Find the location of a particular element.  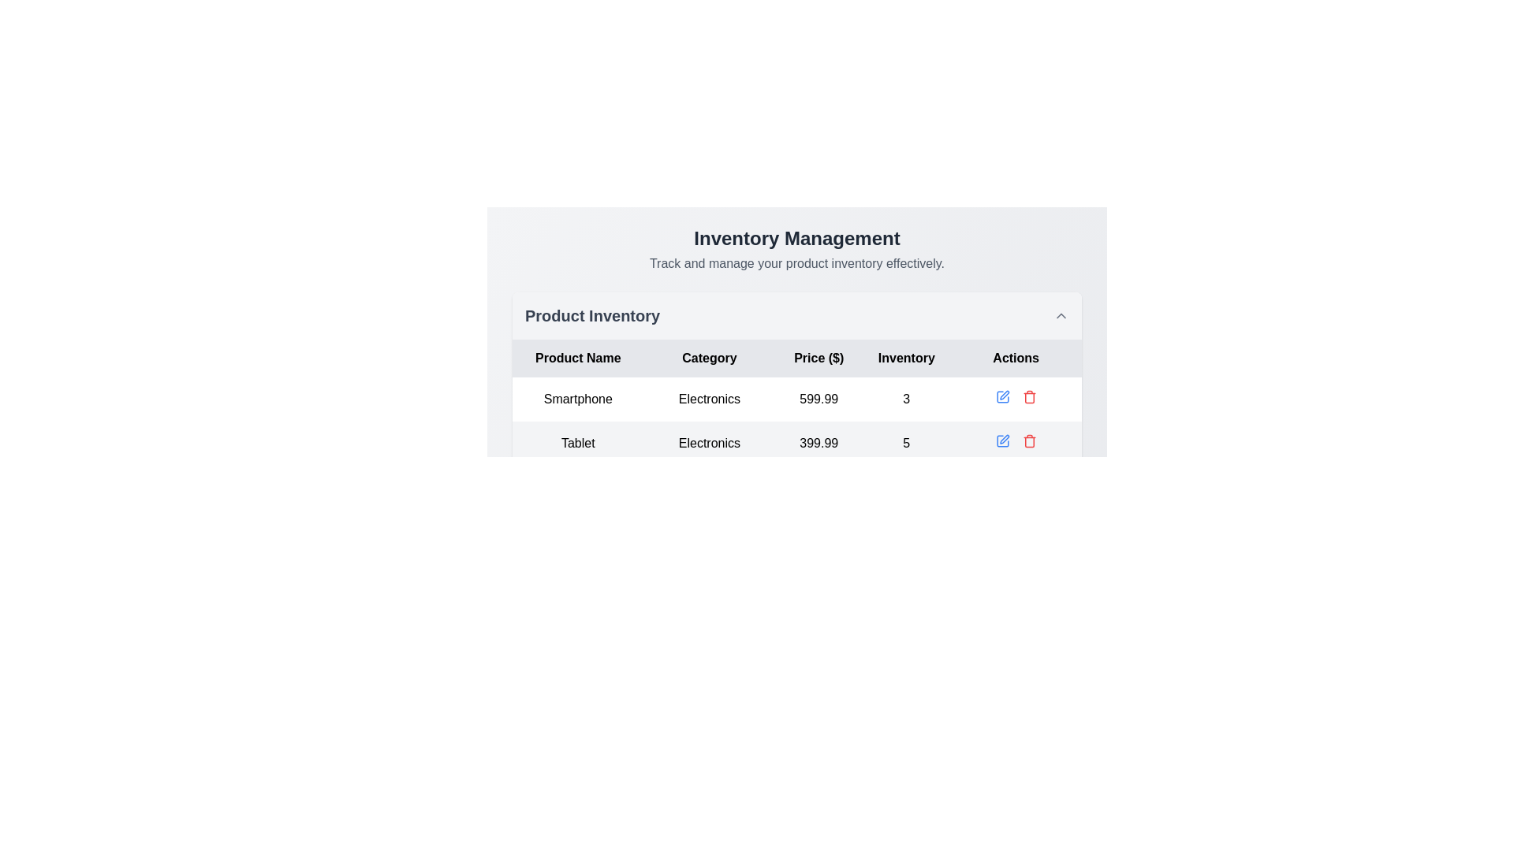

the price text indicating the cost of the product 'Tablet' in the inventory table, located in the second row under the 'Price ($)' column is located at coordinates (819, 444).